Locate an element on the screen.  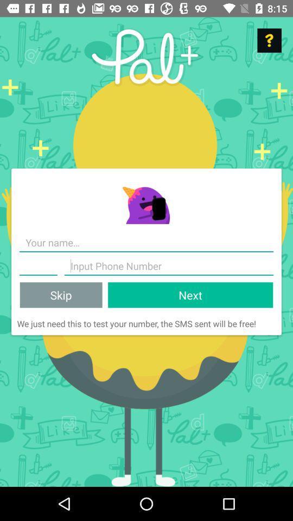
name option is located at coordinates (37, 265).